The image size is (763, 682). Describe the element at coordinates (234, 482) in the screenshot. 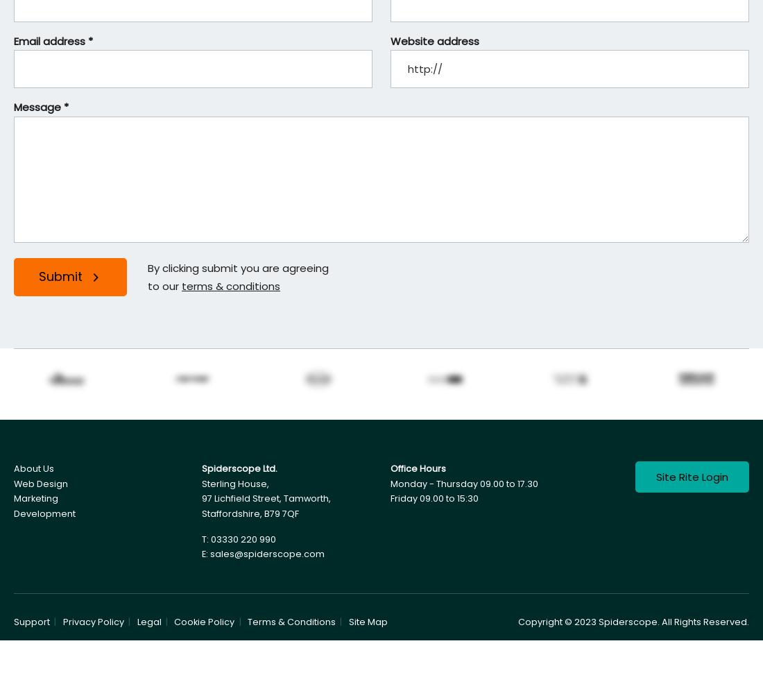

I see `'Sterling House,'` at that location.